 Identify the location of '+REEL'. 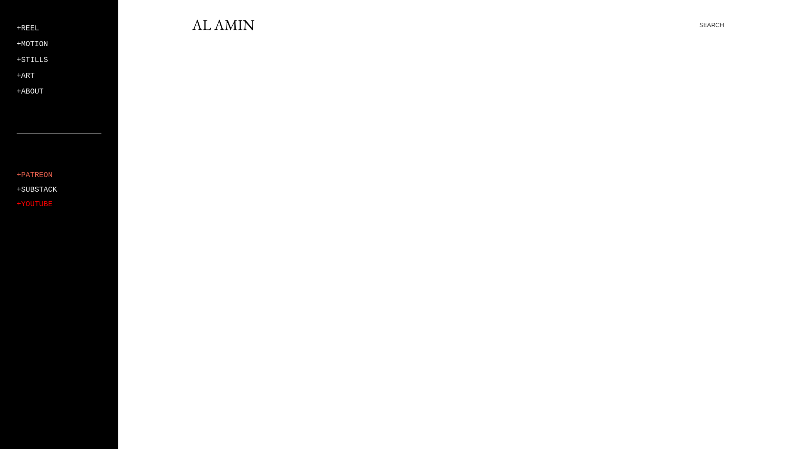
(28, 28).